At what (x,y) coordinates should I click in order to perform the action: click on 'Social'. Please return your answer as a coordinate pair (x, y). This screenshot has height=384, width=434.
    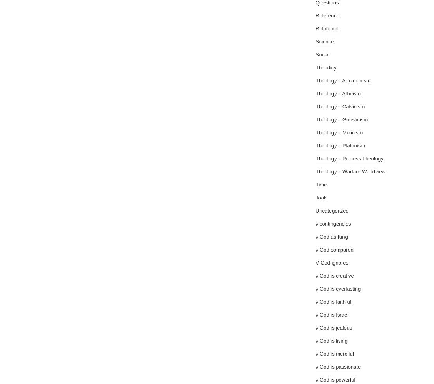
    Looking at the image, I should click on (322, 54).